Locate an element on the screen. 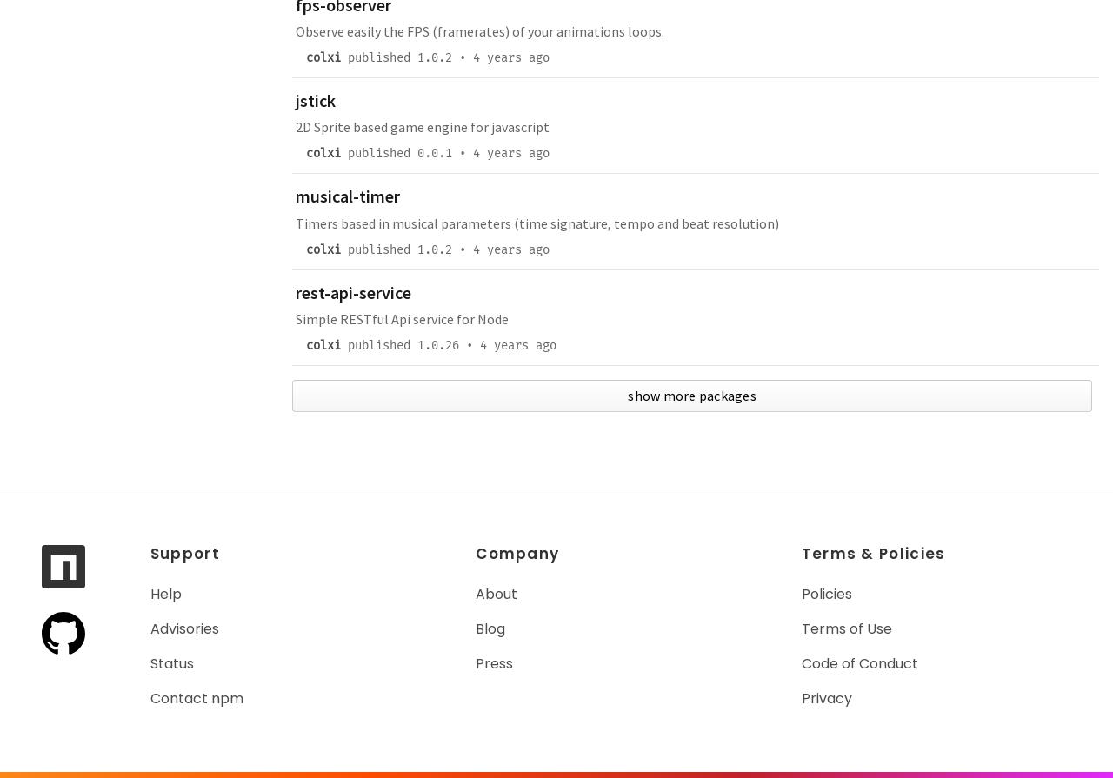  'Advisories' is located at coordinates (183, 628).